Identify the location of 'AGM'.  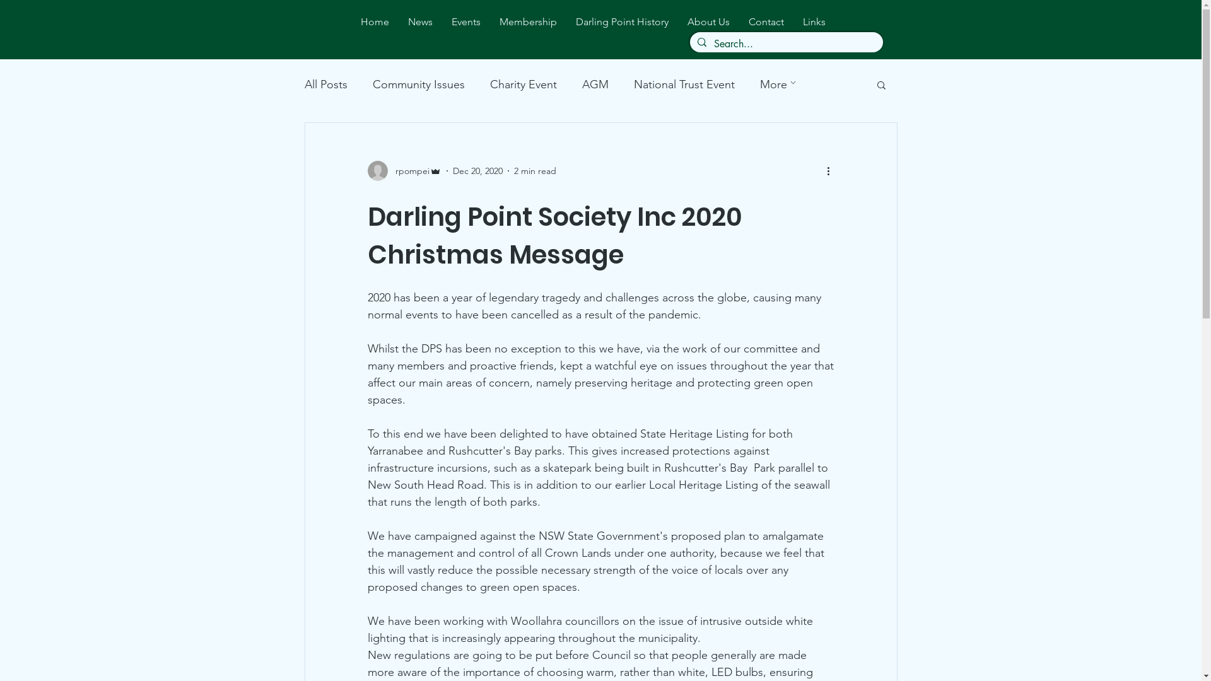
(594, 84).